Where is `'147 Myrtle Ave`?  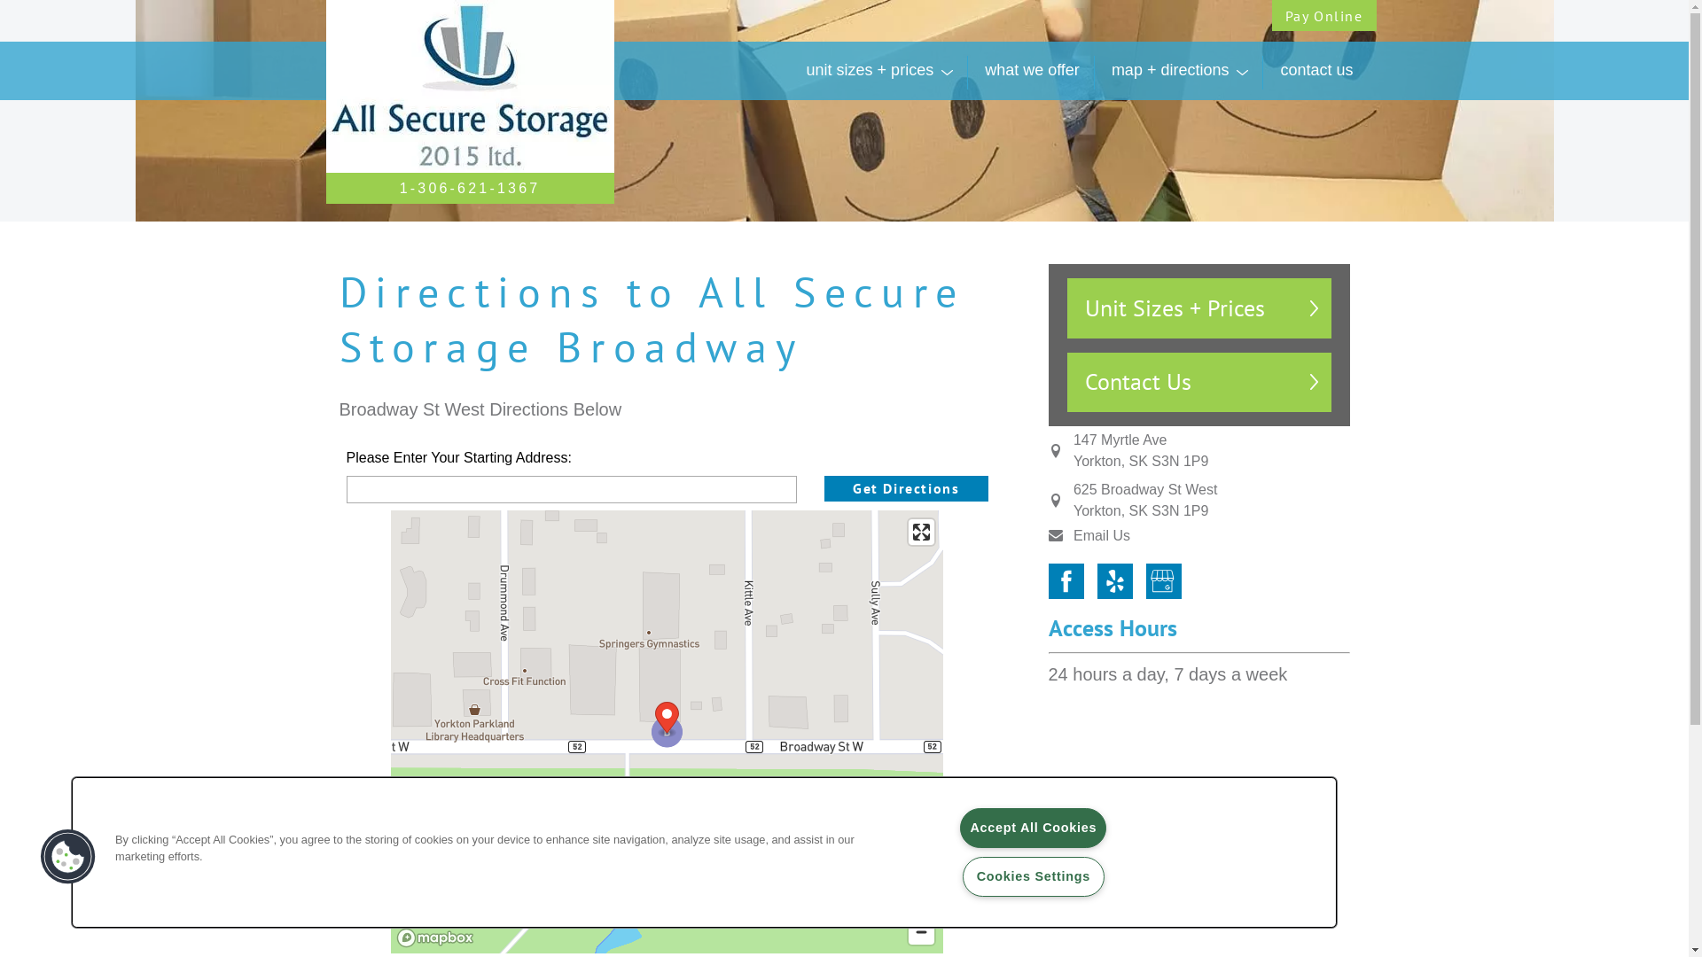
'147 Myrtle Ave is located at coordinates (1072, 450).